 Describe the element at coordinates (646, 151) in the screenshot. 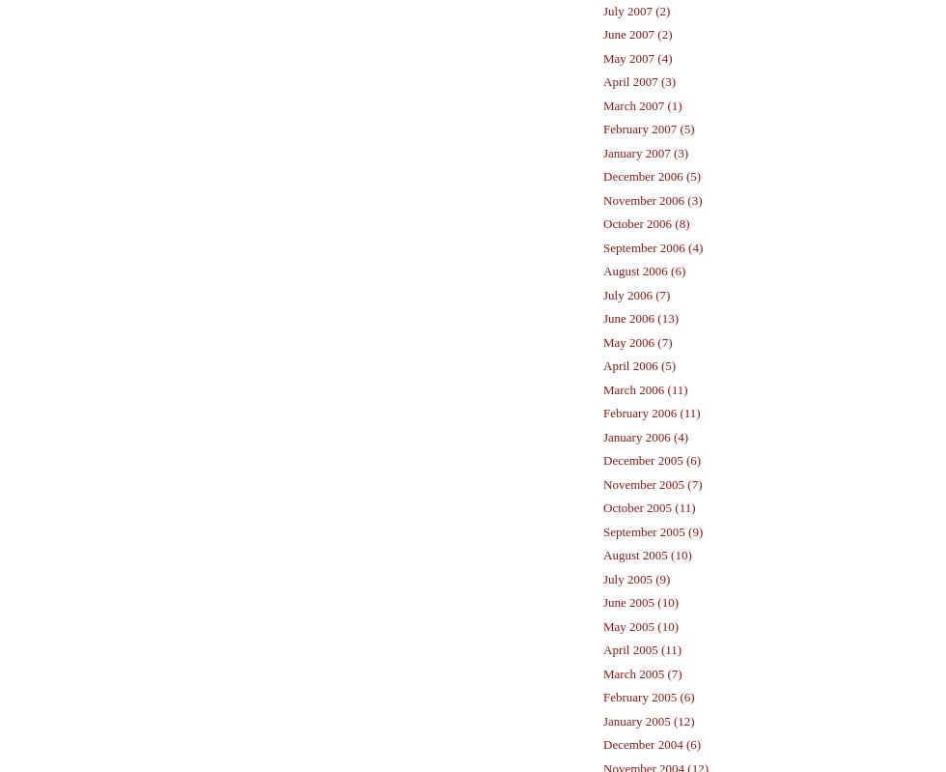

I see `'January 2007 (3)'` at that location.